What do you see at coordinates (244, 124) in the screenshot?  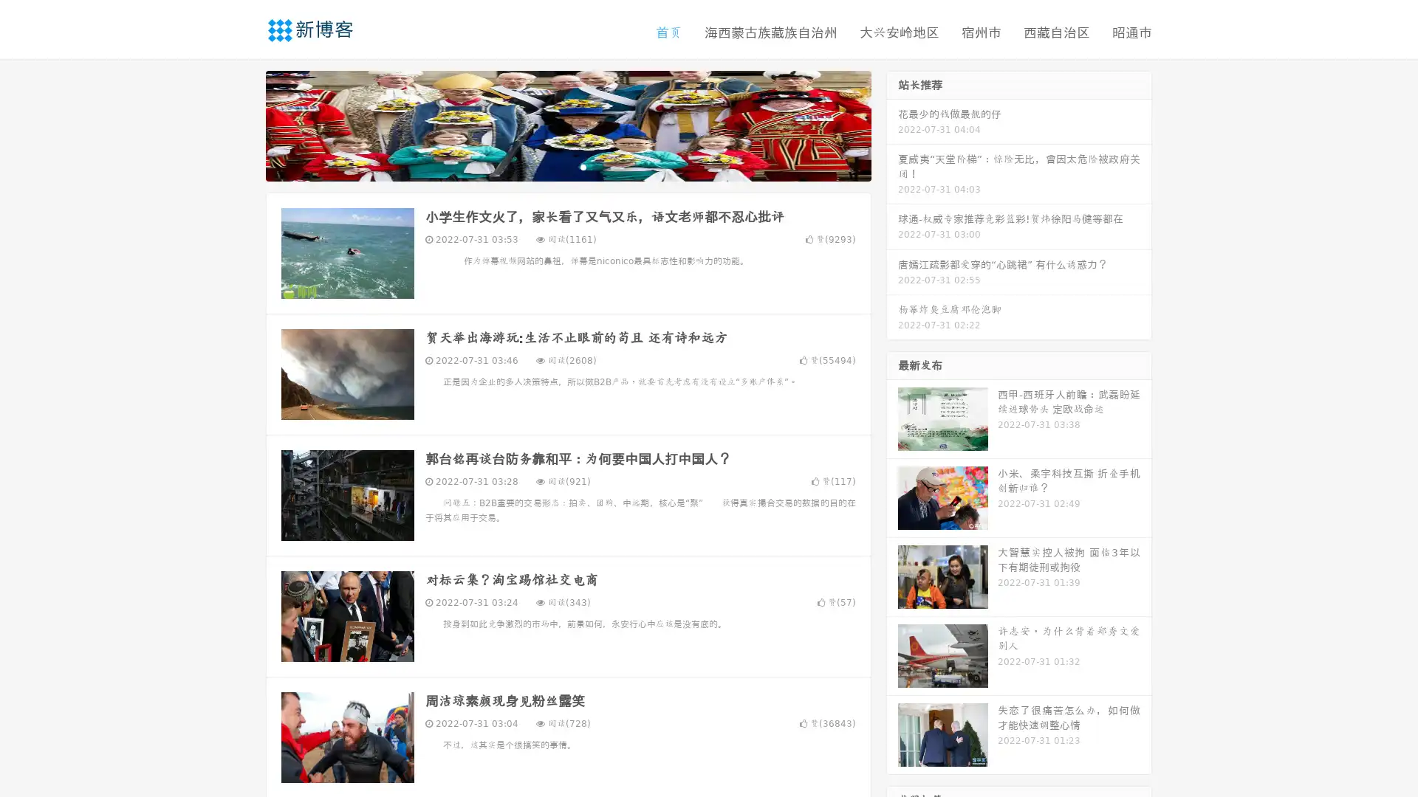 I see `Previous slide` at bounding box center [244, 124].